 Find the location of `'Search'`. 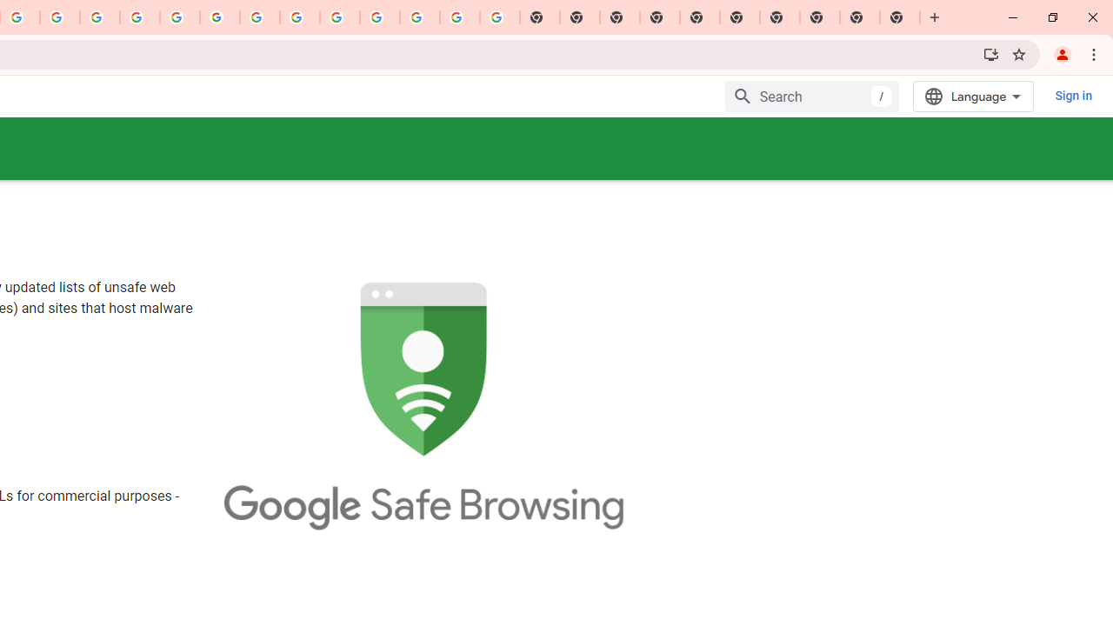

'Search' is located at coordinates (810, 96).